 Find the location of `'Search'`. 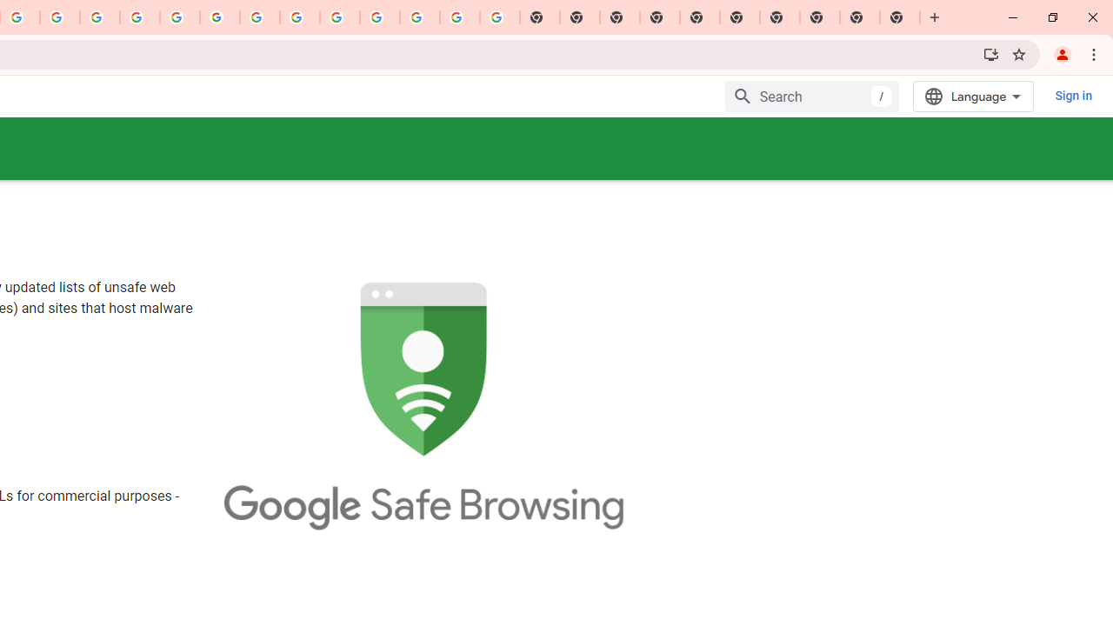

'Search' is located at coordinates (810, 96).